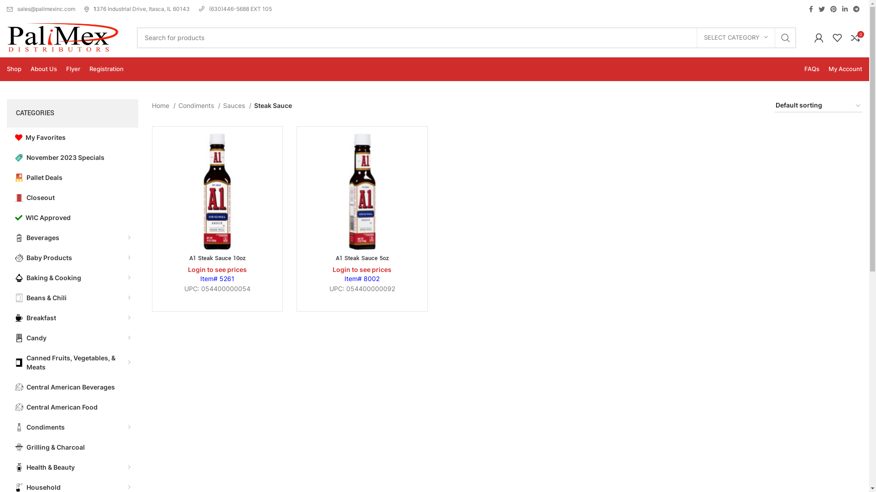 This screenshot has width=876, height=492. I want to click on 'Closeout', so click(72, 197).